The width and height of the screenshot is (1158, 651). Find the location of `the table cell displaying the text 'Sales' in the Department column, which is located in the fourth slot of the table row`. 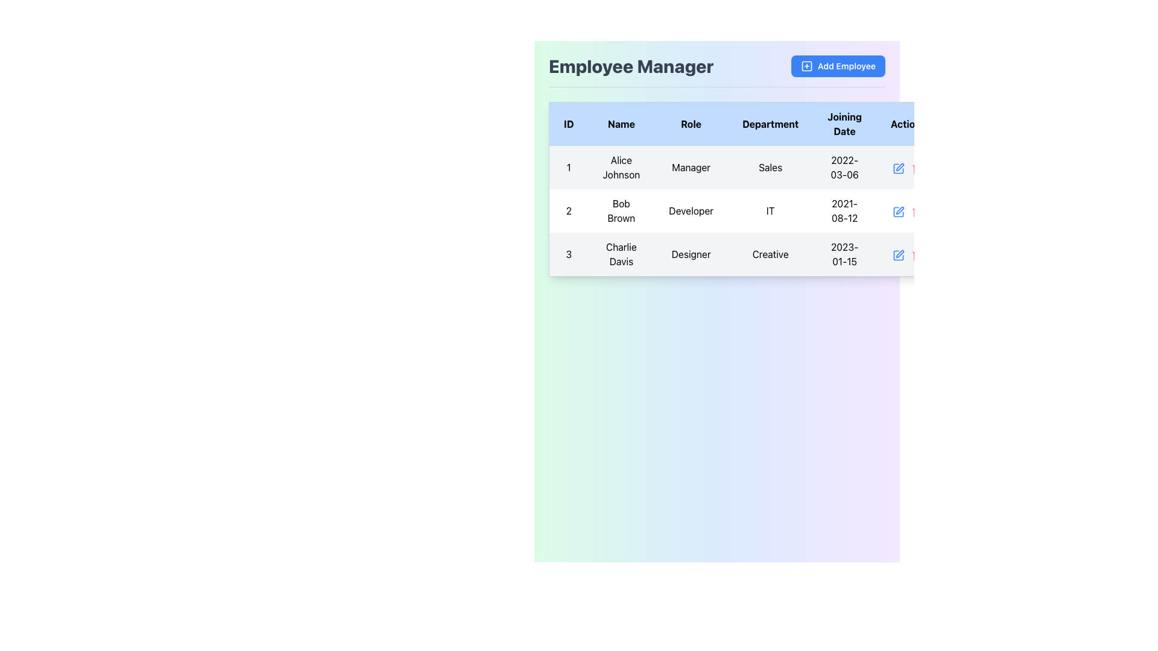

the table cell displaying the text 'Sales' in the Department column, which is located in the fourth slot of the table row is located at coordinates (770, 167).